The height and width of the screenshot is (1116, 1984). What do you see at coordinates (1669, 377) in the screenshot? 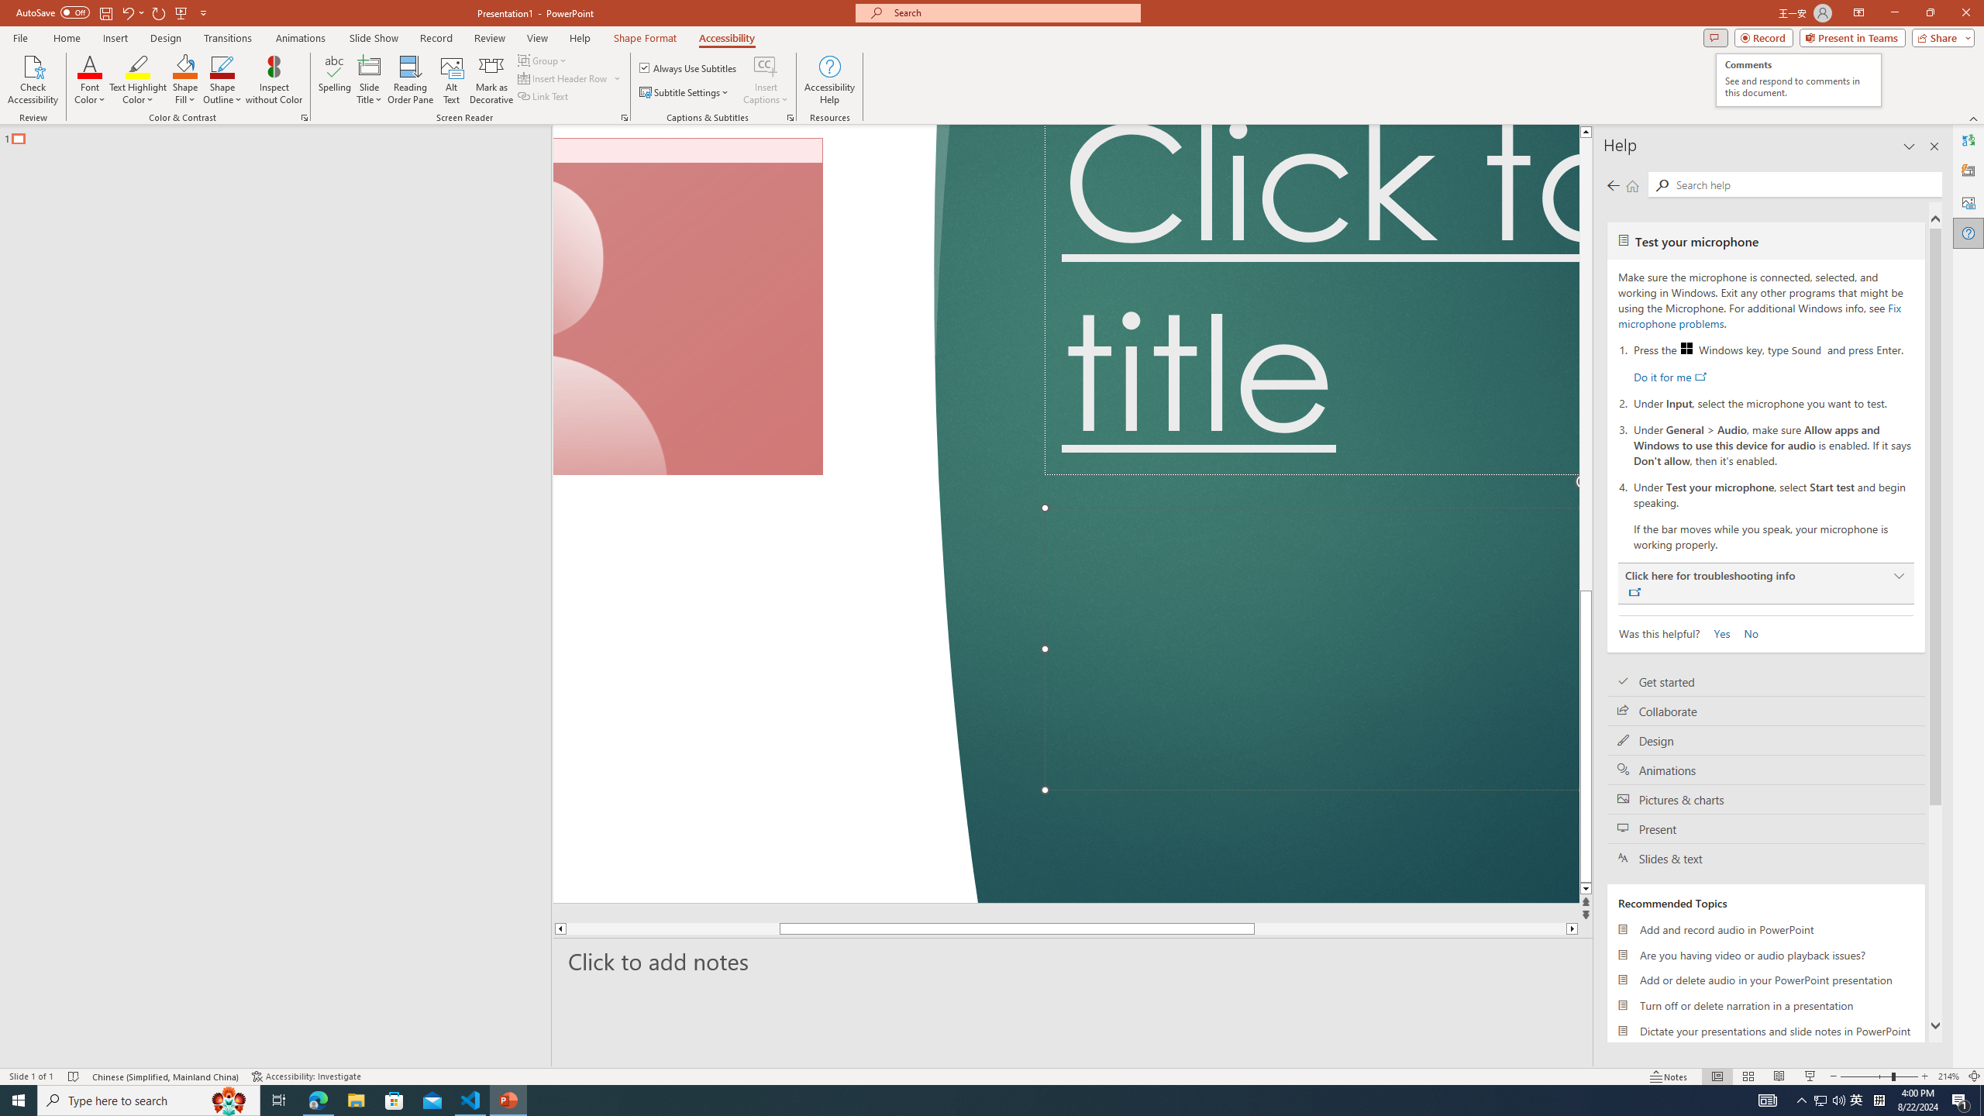
I see `'Do it for me'` at bounding box center [1669, 377].